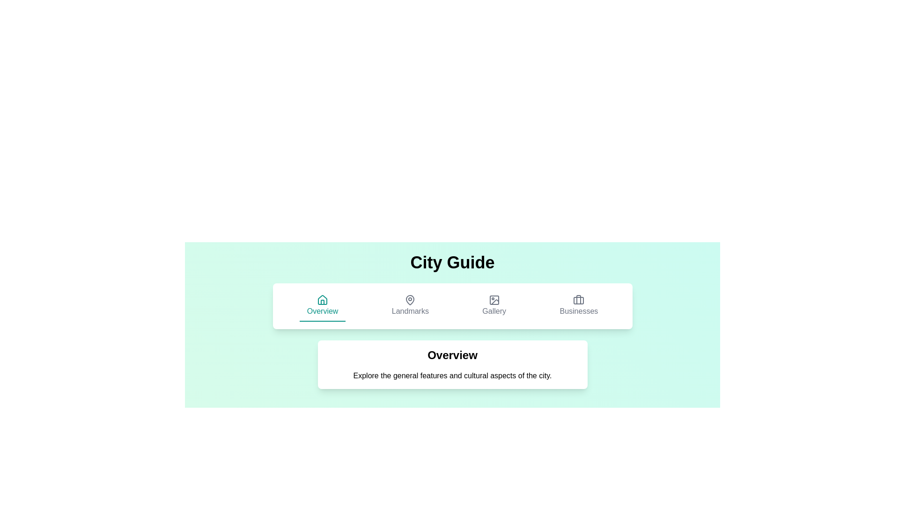 Image resolution: width=899 pixels, height=505 pixels. What do you see at coordinates (452, 355) in the screenshot?
I see `the heading text element located at the top-center of the white card, which serves as an introductory section for the content below` at bounding box center [452, 355].